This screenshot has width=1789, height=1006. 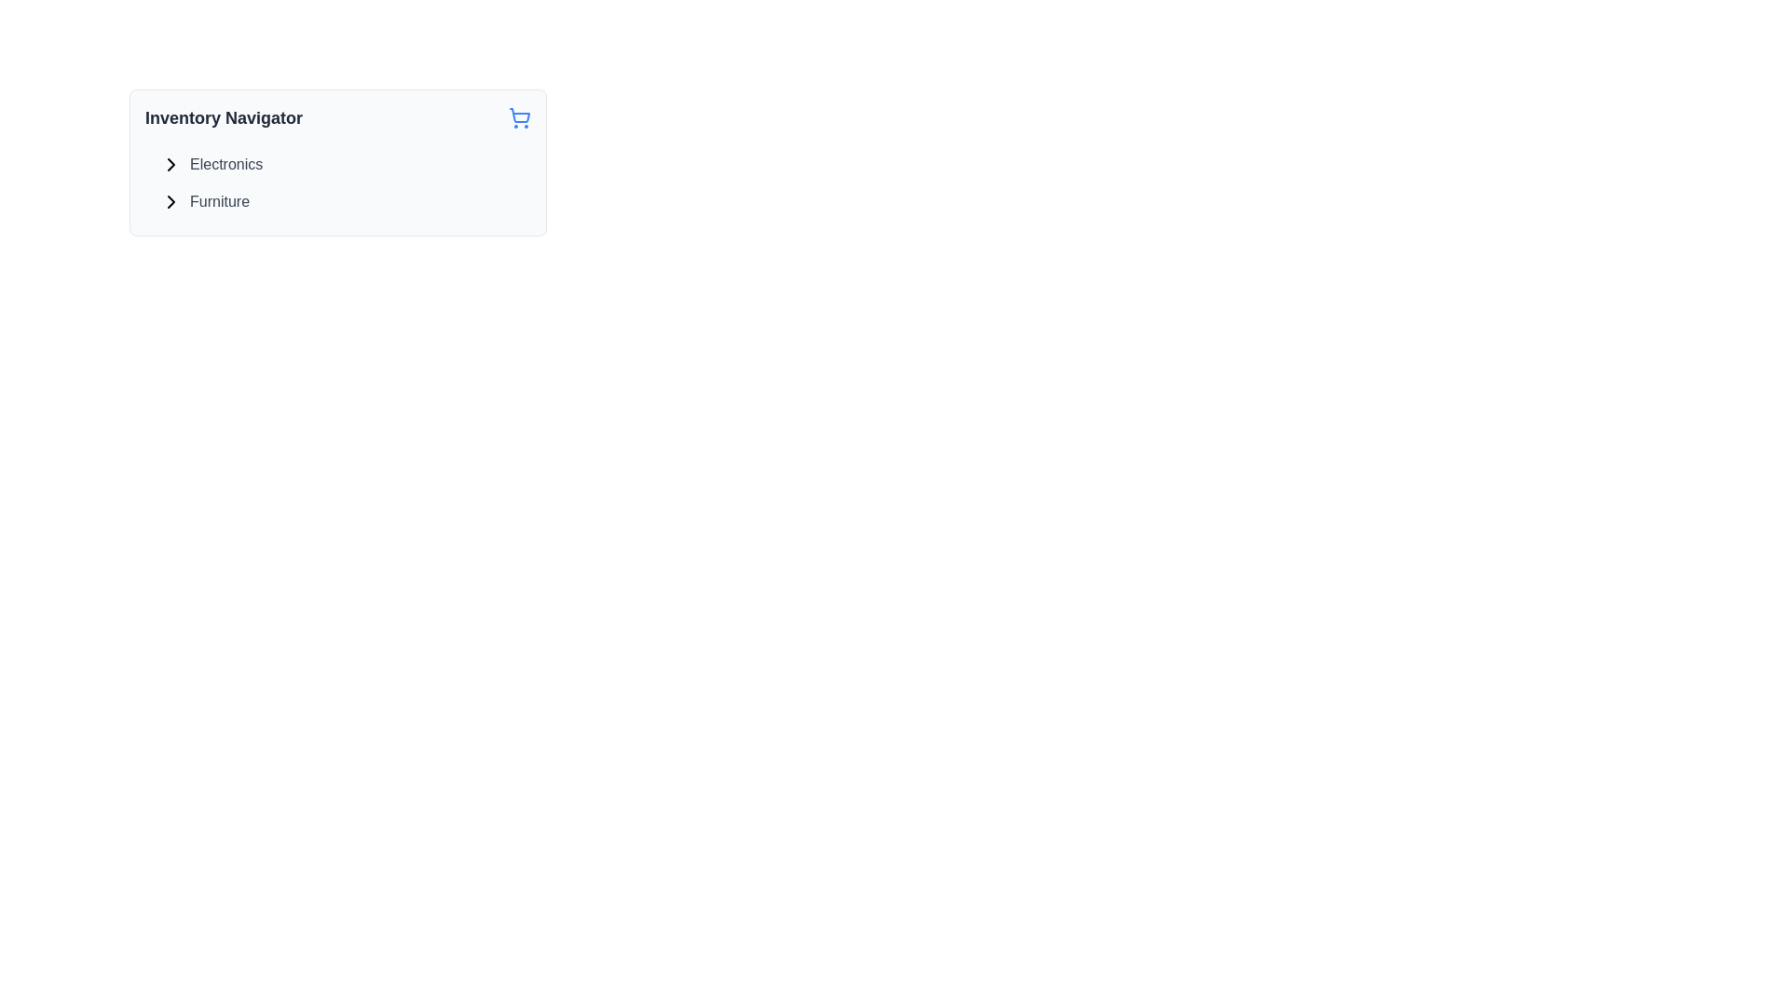 What do you see at coordinates (519, 118) in the screenshot?
I see `the shopping cart icon located in the top-right corner of the 'Inventory Navigator' section, aligned with the title text 'Inventory Navigator'` at bounding box center [519, 118].